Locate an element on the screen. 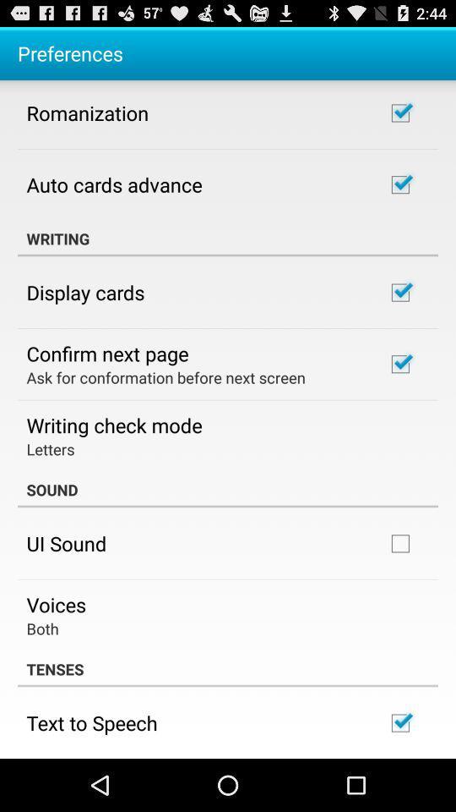  the tenses item is located at coordinates (228, 669).